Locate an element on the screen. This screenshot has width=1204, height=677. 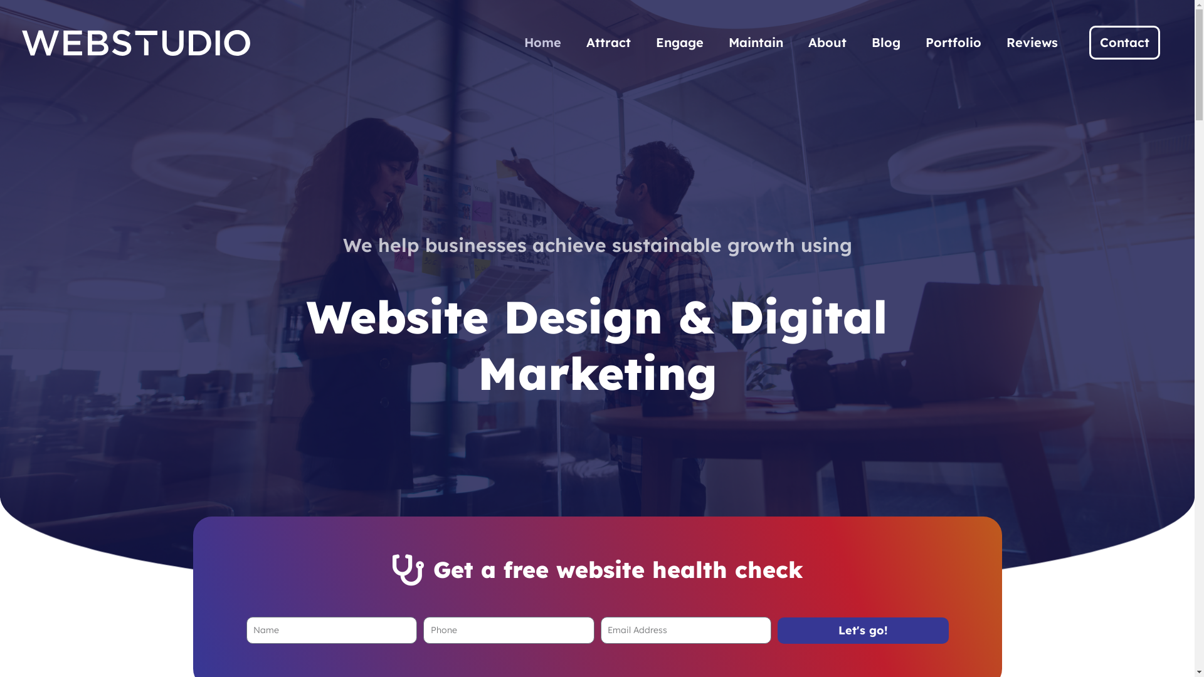
'Home' is located at coordinates (542, 42).